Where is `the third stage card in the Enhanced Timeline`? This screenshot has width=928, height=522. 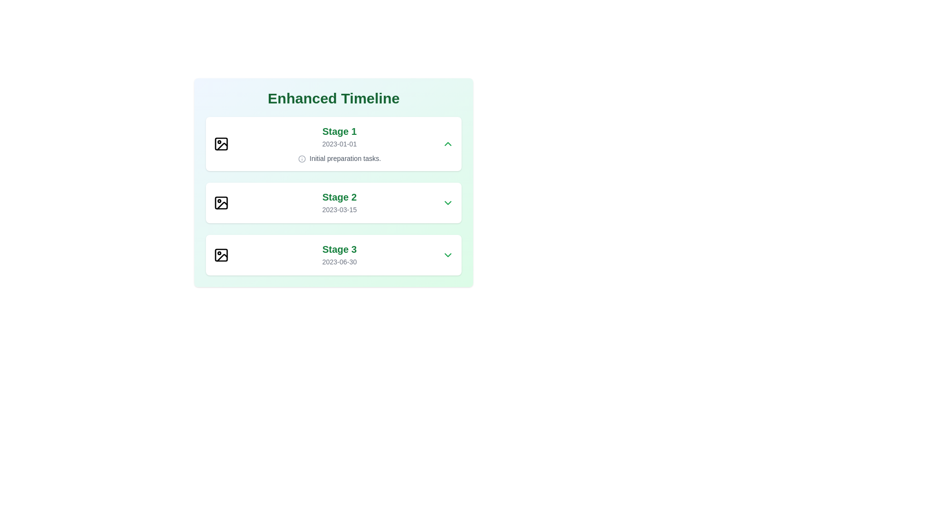 the third stage card in the Enhanced Timeline is located at coordinates (333, 255).